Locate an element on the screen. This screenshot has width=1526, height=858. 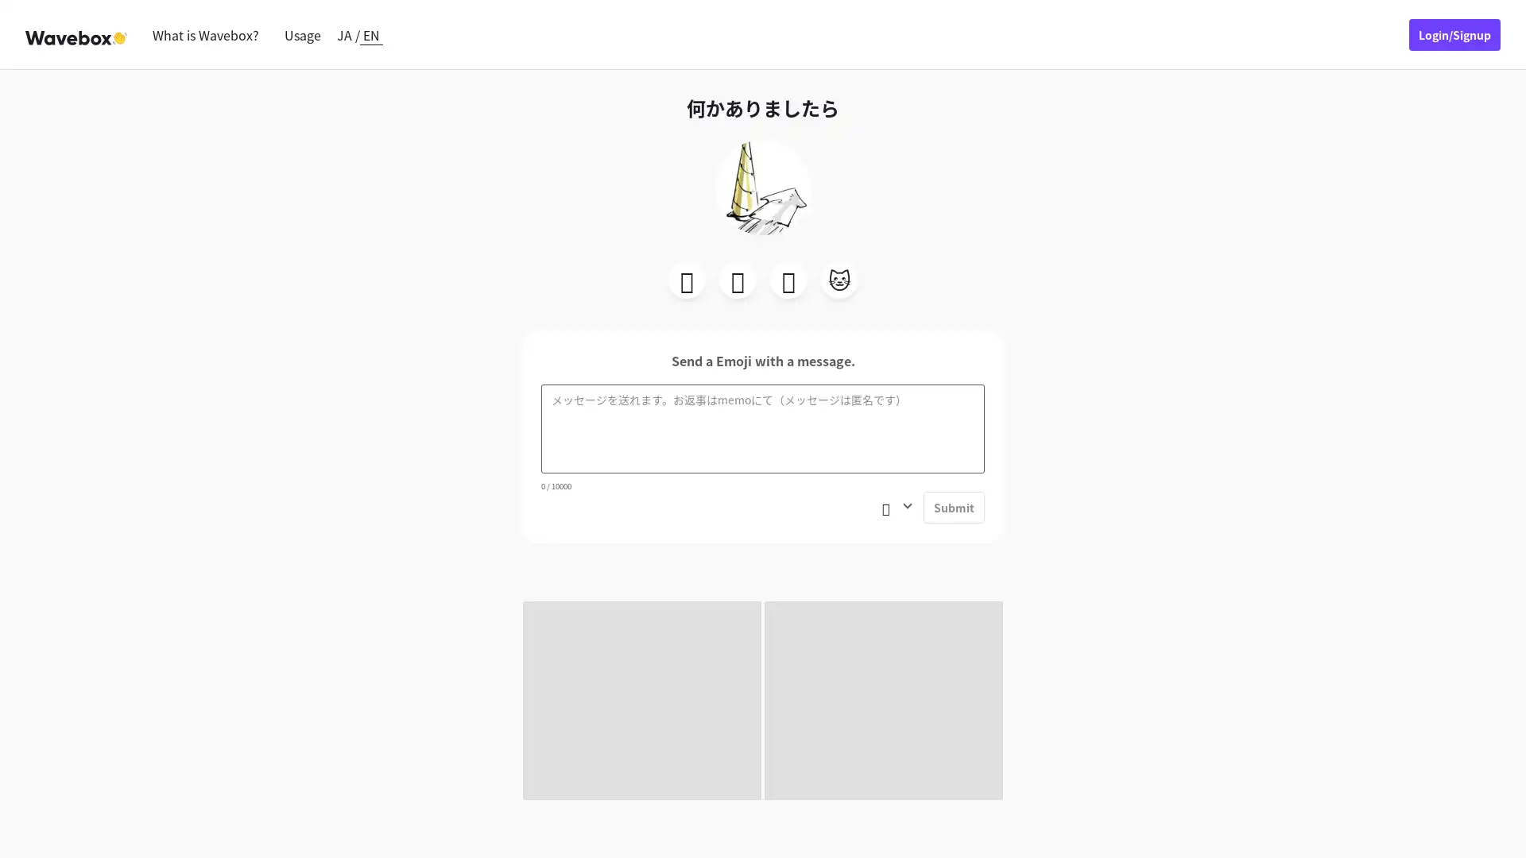
Submit is located at coordinates (954, 508).